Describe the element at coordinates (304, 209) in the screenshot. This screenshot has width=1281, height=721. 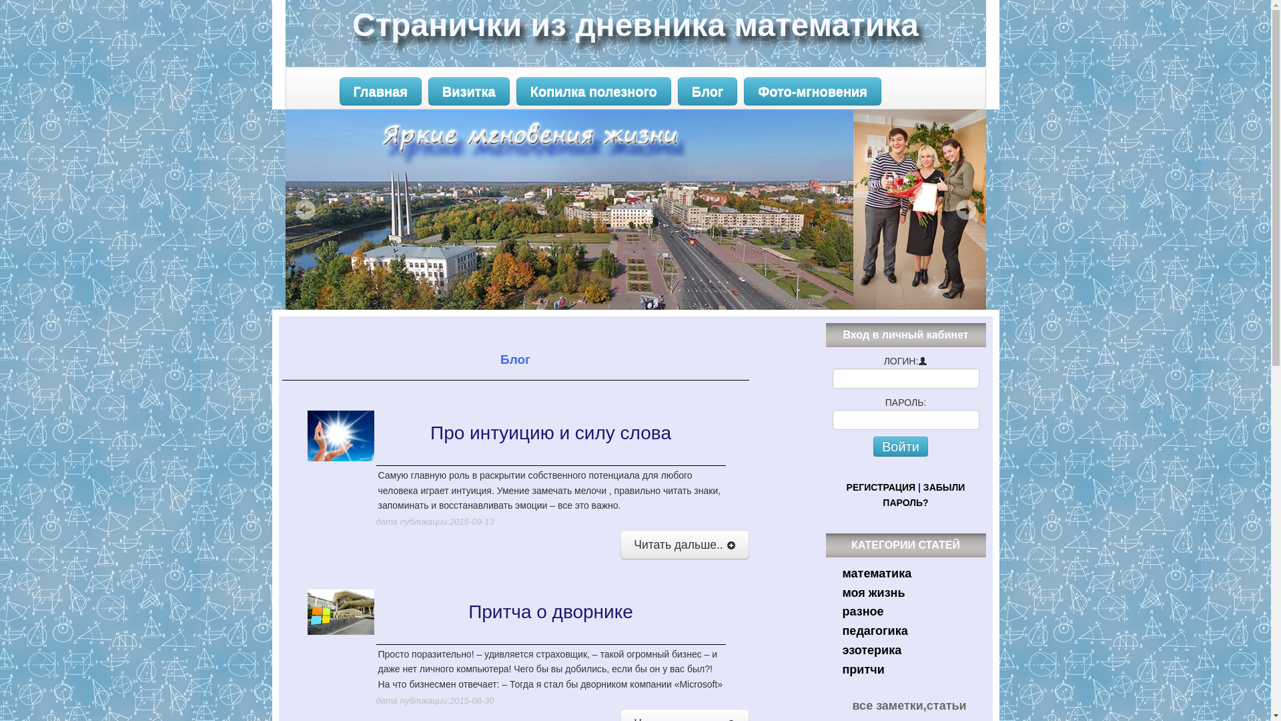
I see `'Prev'` at that location.